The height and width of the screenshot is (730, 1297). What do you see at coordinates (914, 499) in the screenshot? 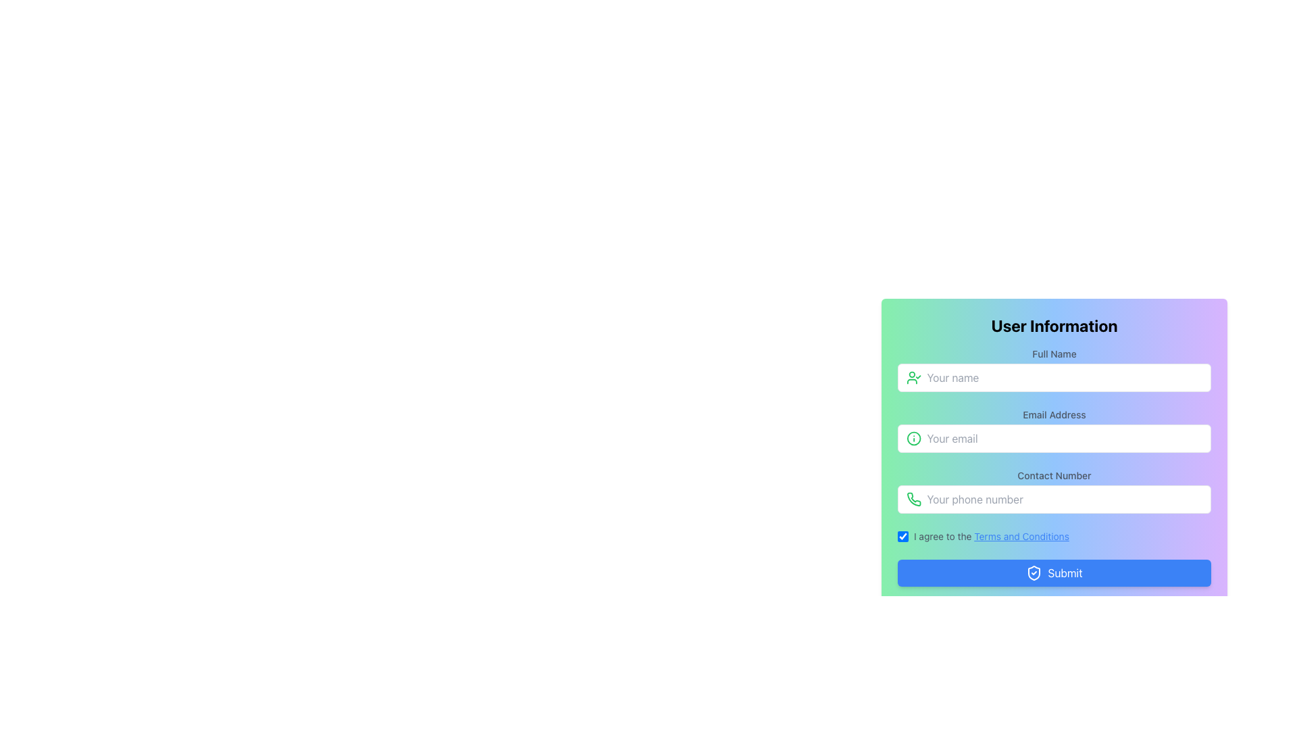
I see `the decorative indicator icon associated with the 'Your phone number' input field, positioned to the left of the input field under the 'Contact Number' label` at bounding box center [914, 499].